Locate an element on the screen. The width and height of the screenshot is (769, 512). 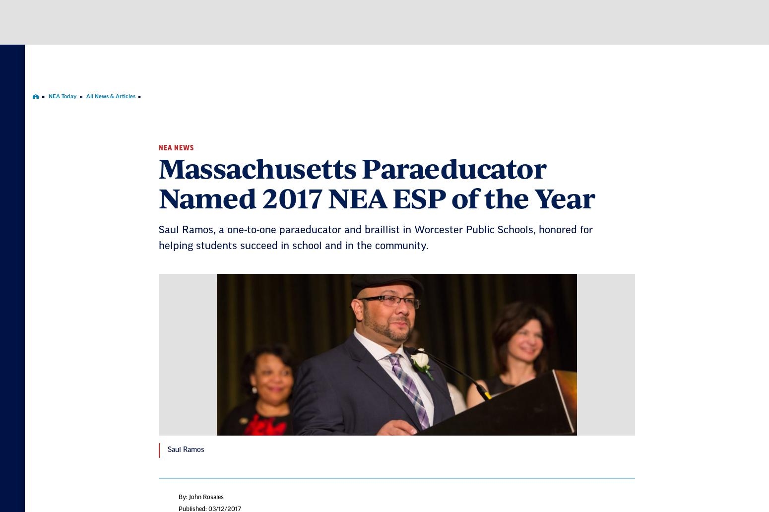
'Power Language' is located at coordinates (484, 290).